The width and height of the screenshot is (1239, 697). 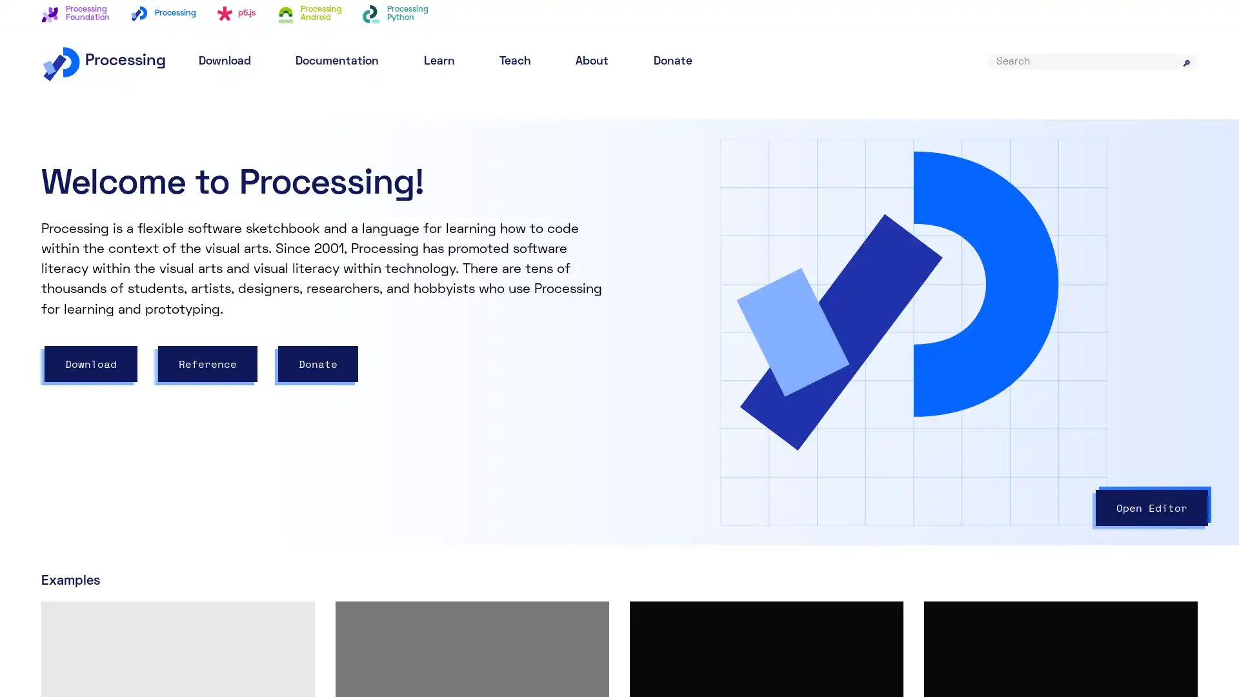 I want to click on change position, so click(x=735, y=428).